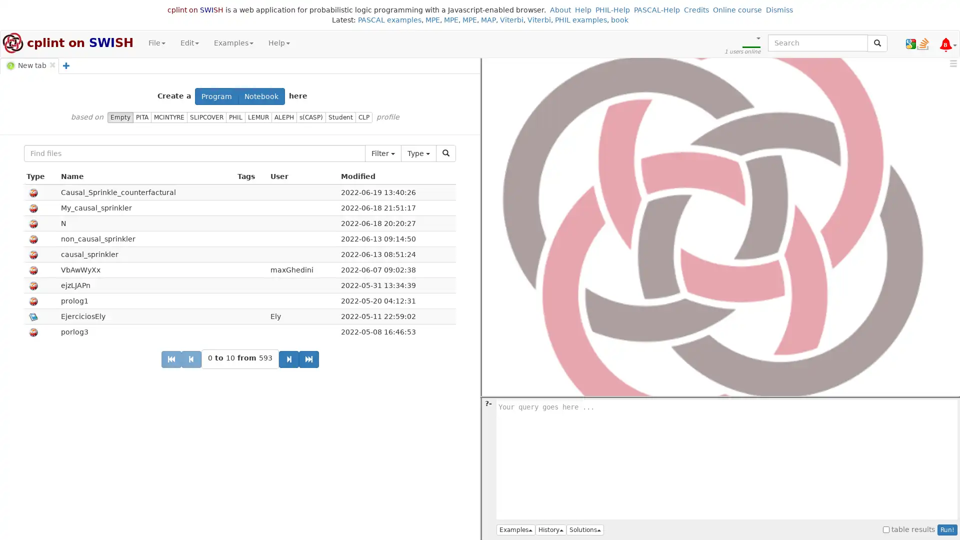 The image size is (960, 540). What do you see at coordinates (216, 96) in the screenshot?
I see `Program` at bounding box center [216, 96].